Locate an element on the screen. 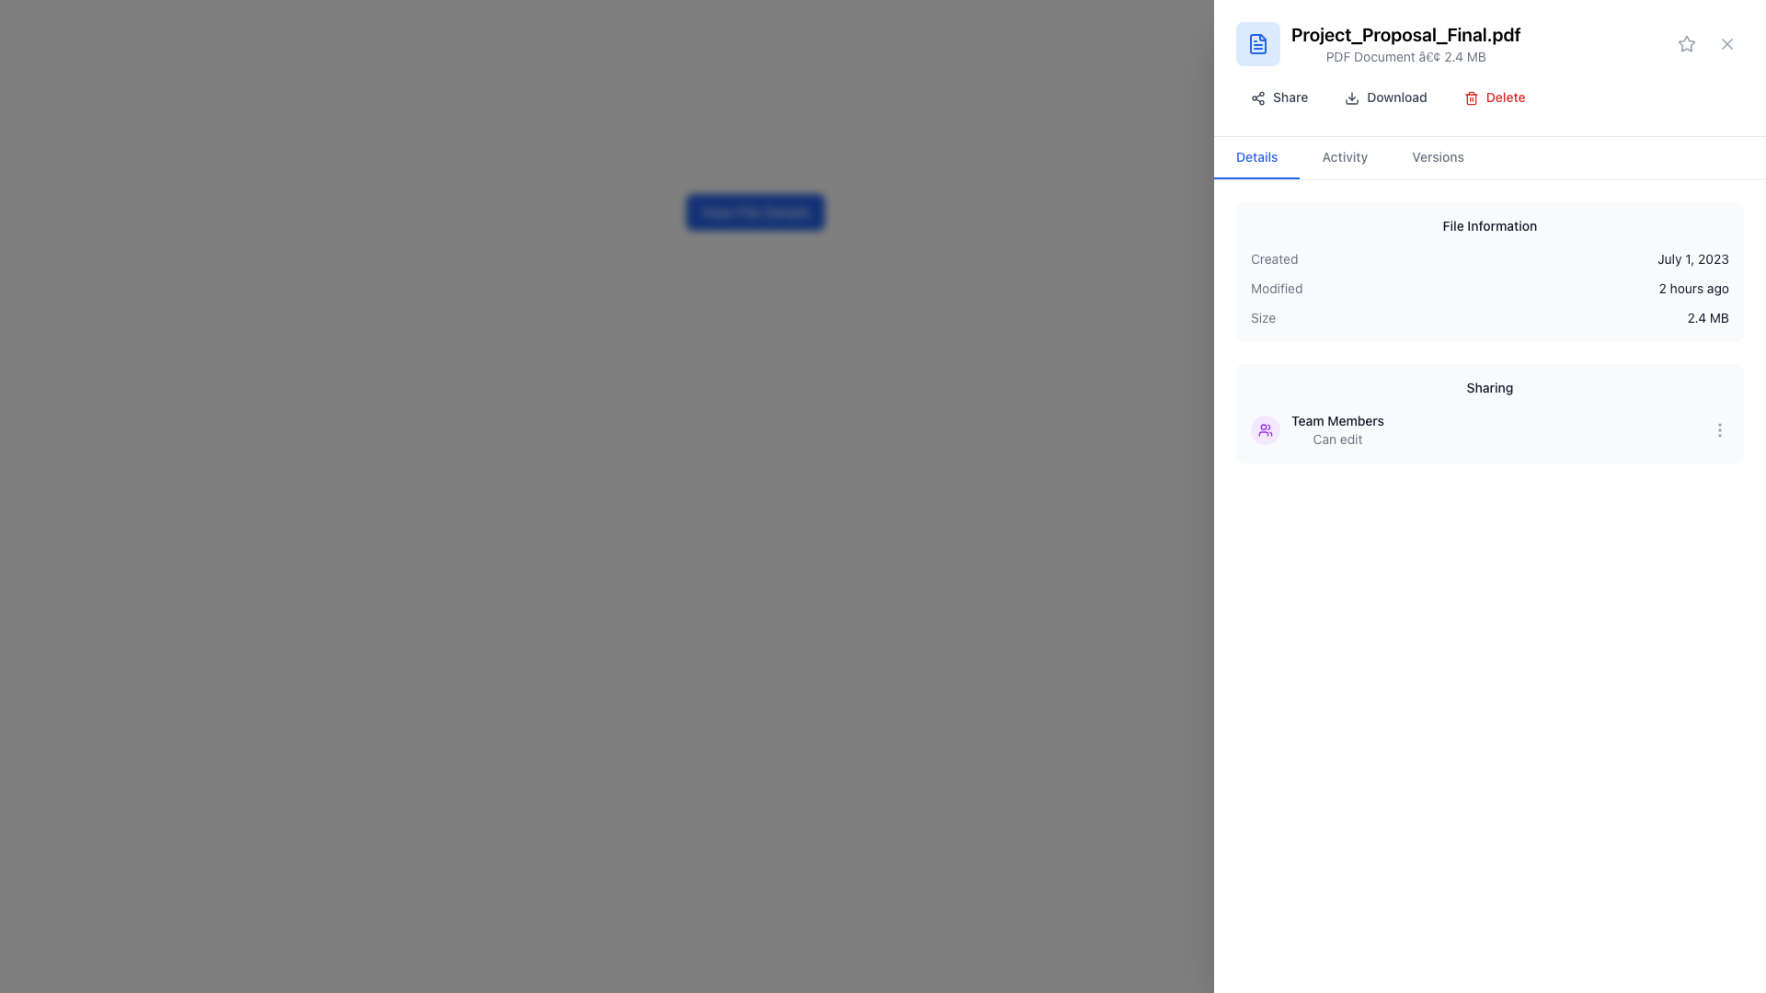 Image resolution: width=1766 pixels, height=993 pixels. the download icon, which is represented by an arrow pointing downward into a horizontal line, located in the top section of the file details panel, preceding the 'Download' text label is located at coordinates (1352, 98).